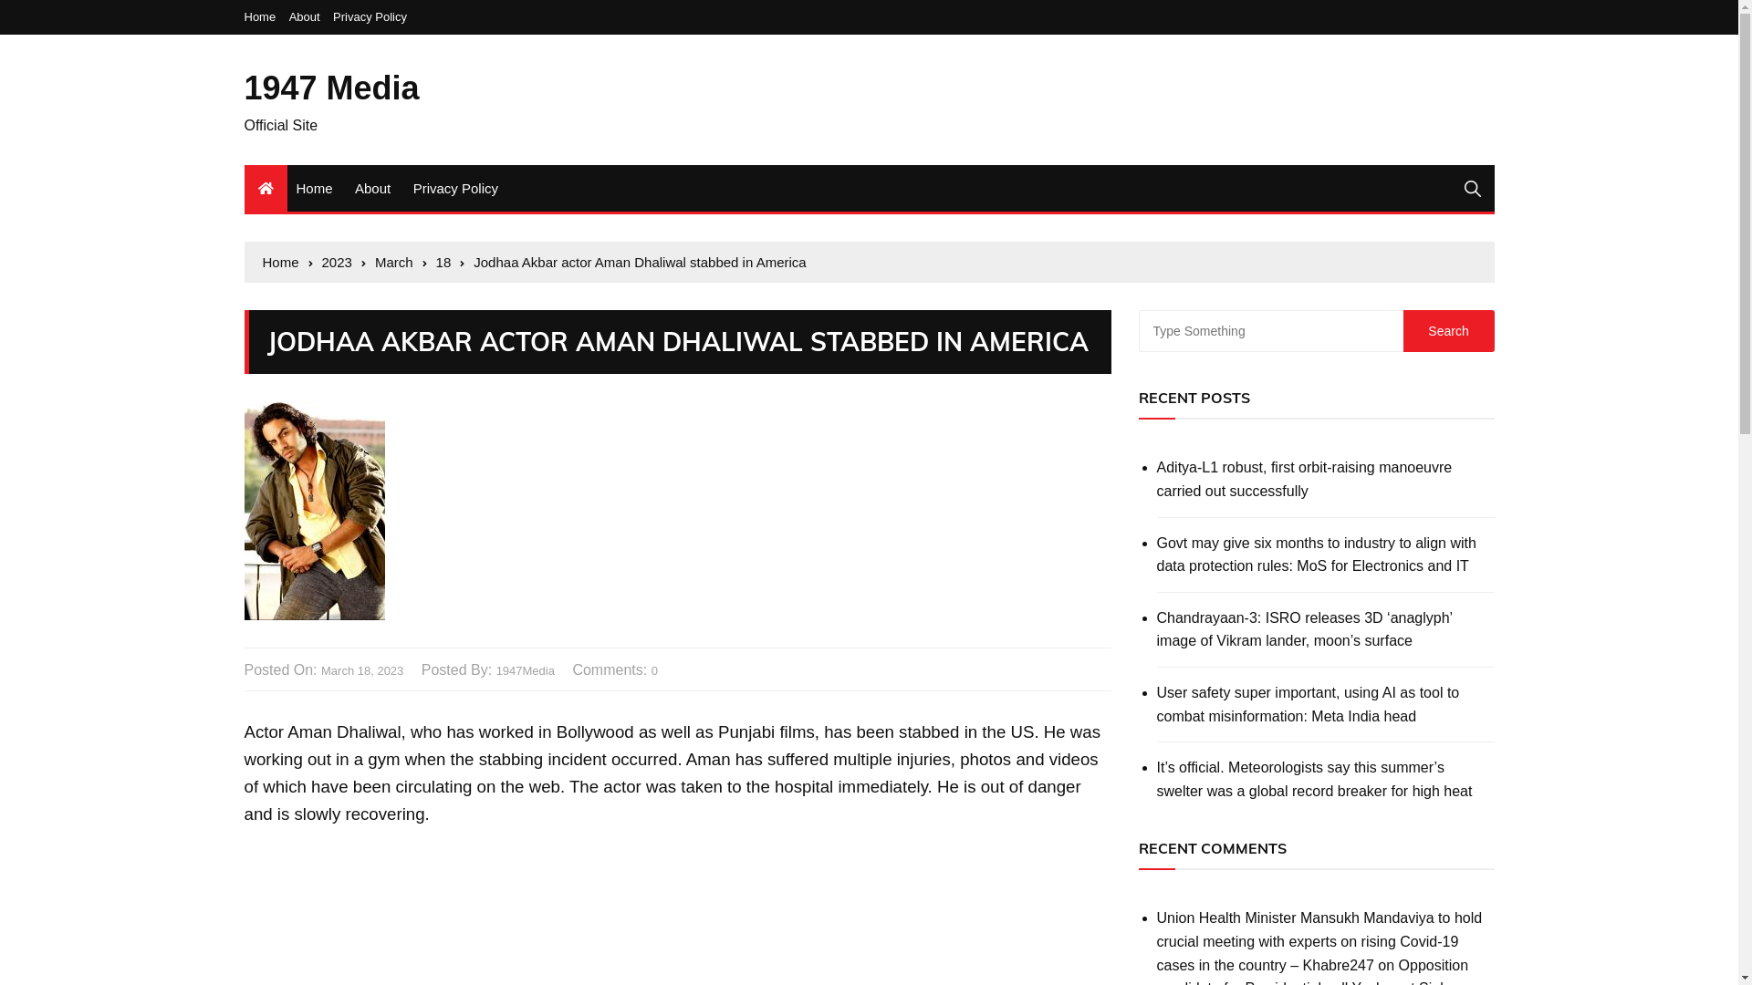 This screenshot has width=1752, height=985. What do you see at coordinates (332, 88) in the screenshot?
I see `'1947 Media'` at bounding box center [332, 88].